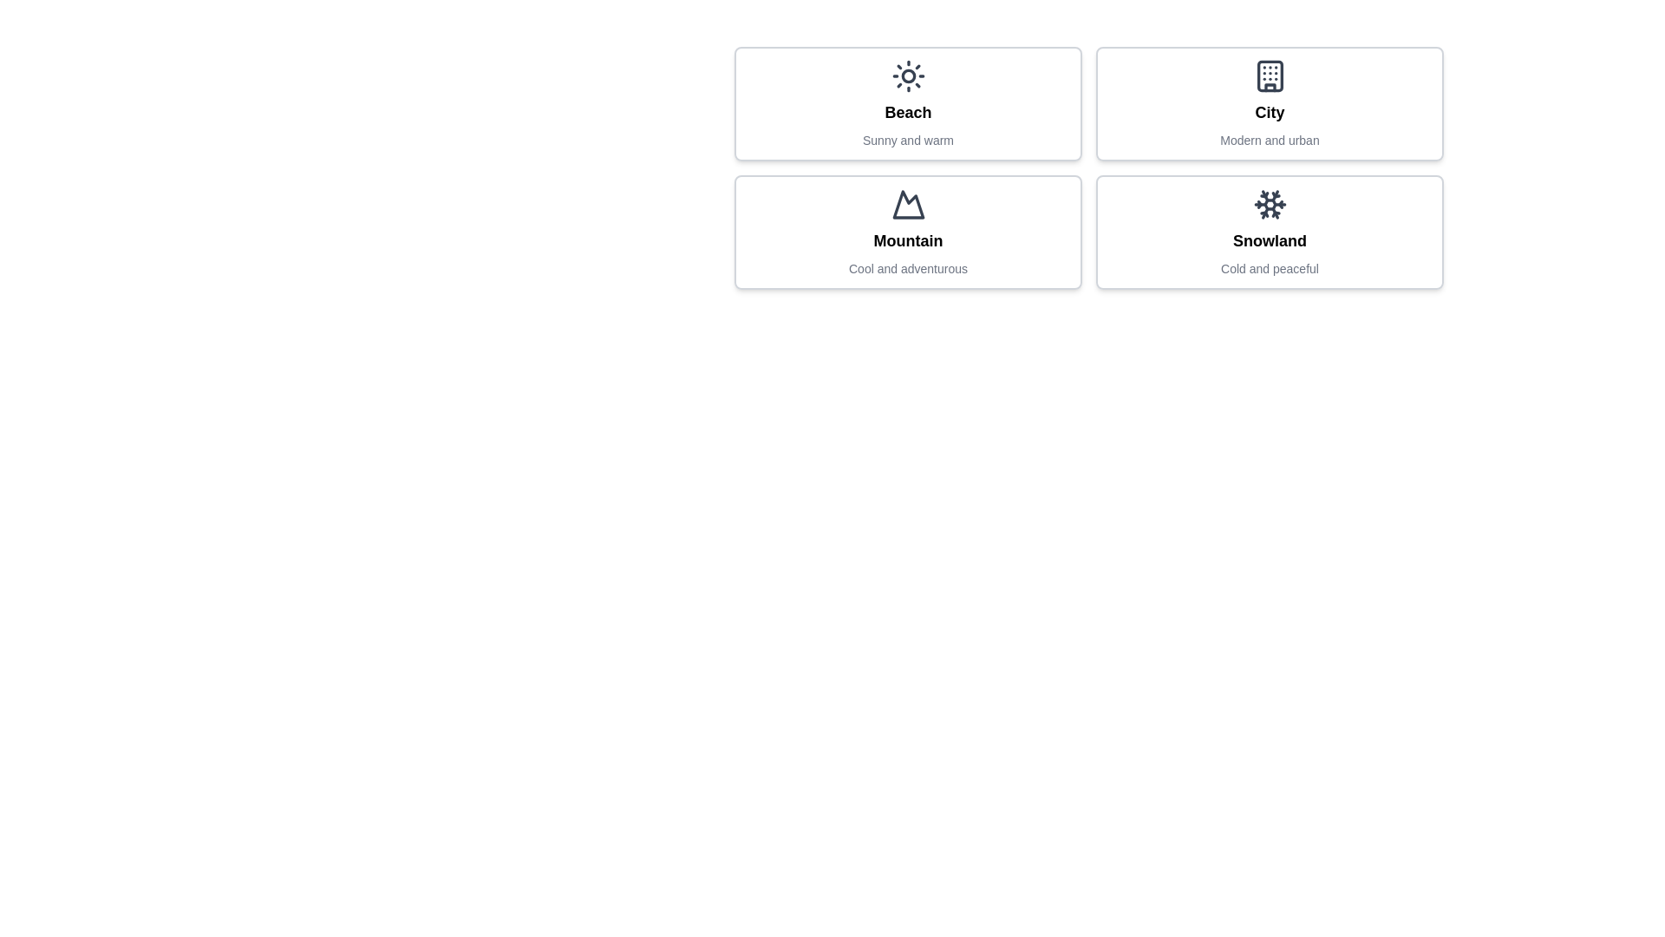 The height and width of the screenshot is (937, 1665). Describe the element at coordinates (907, 240) in the screenshot. I see `text label for the card titled 'Mountain', which is the third card in a grid layout, positioned below the 'Beach' card and to the left of the 'Snowland' card` at that location.